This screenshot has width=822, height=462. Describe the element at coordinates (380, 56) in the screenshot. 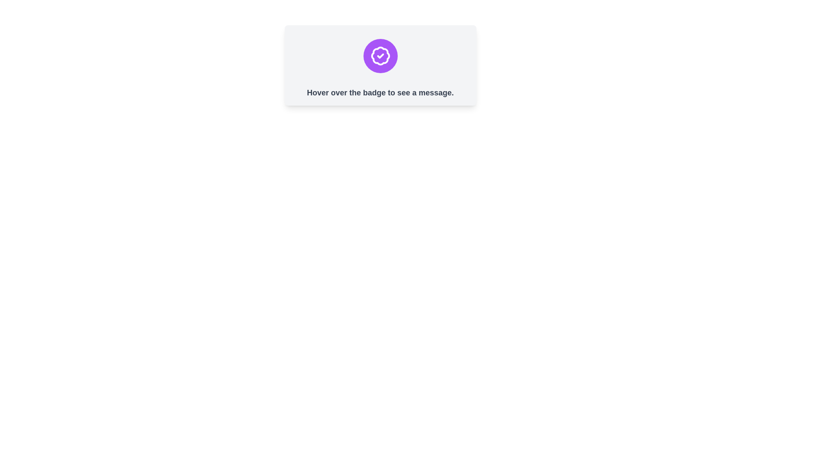

I see `the circular badge-like graphical decoration with scalloped edges that contains a heart shape in the center` at that location.